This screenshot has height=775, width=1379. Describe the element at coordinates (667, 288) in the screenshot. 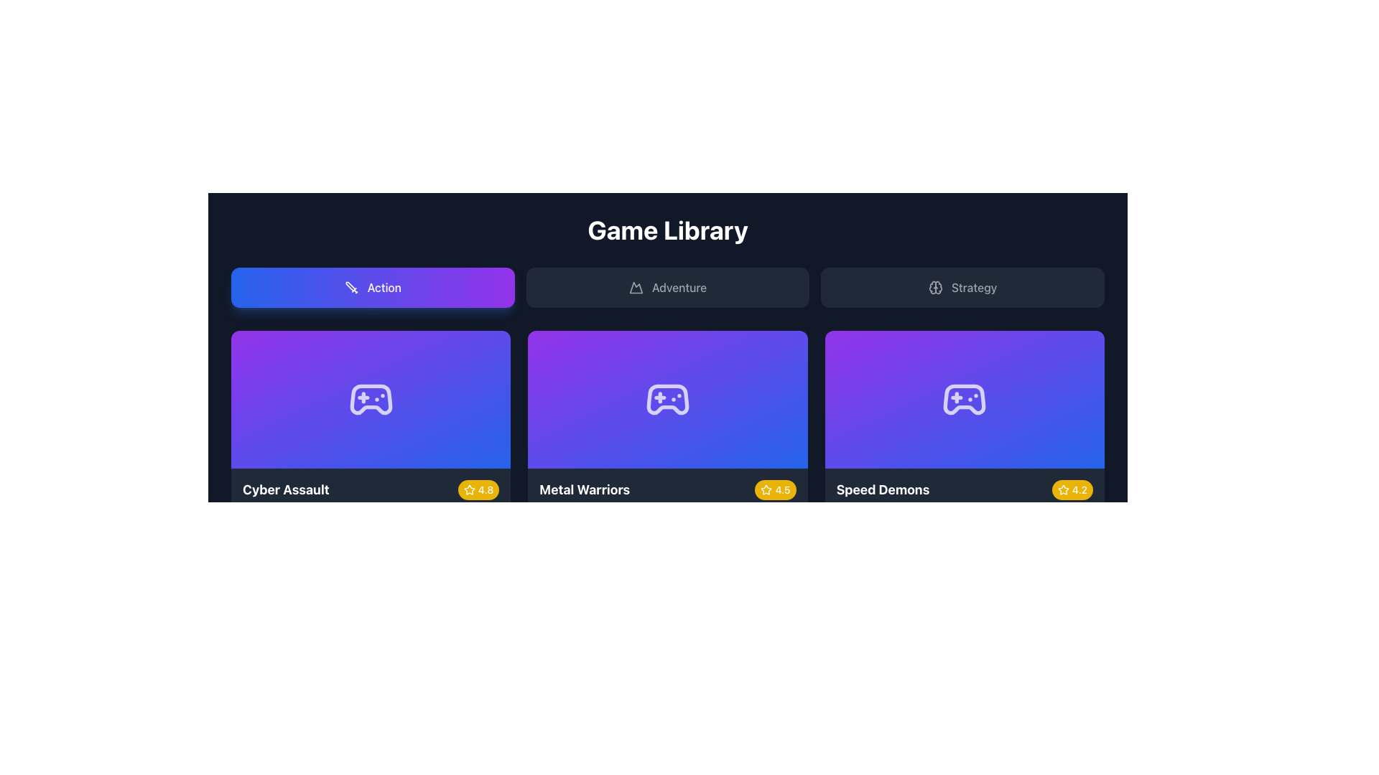

I see `the 'Adventure' category button located in the middle of the navigation bar to observe the hover effect` at that location.